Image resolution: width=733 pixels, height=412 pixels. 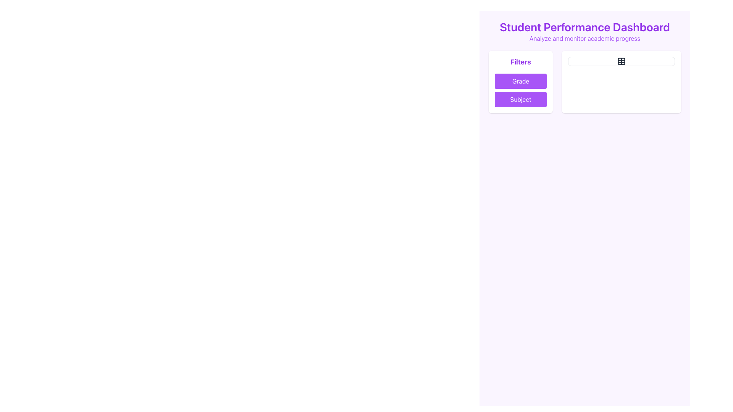 What do you see at coordinates (621, 61) in the screenshot?
I see `the SVG icon representing a table layout, which is located in the right-hand card of the interface towards the top center` at bounding box center [621, 61].